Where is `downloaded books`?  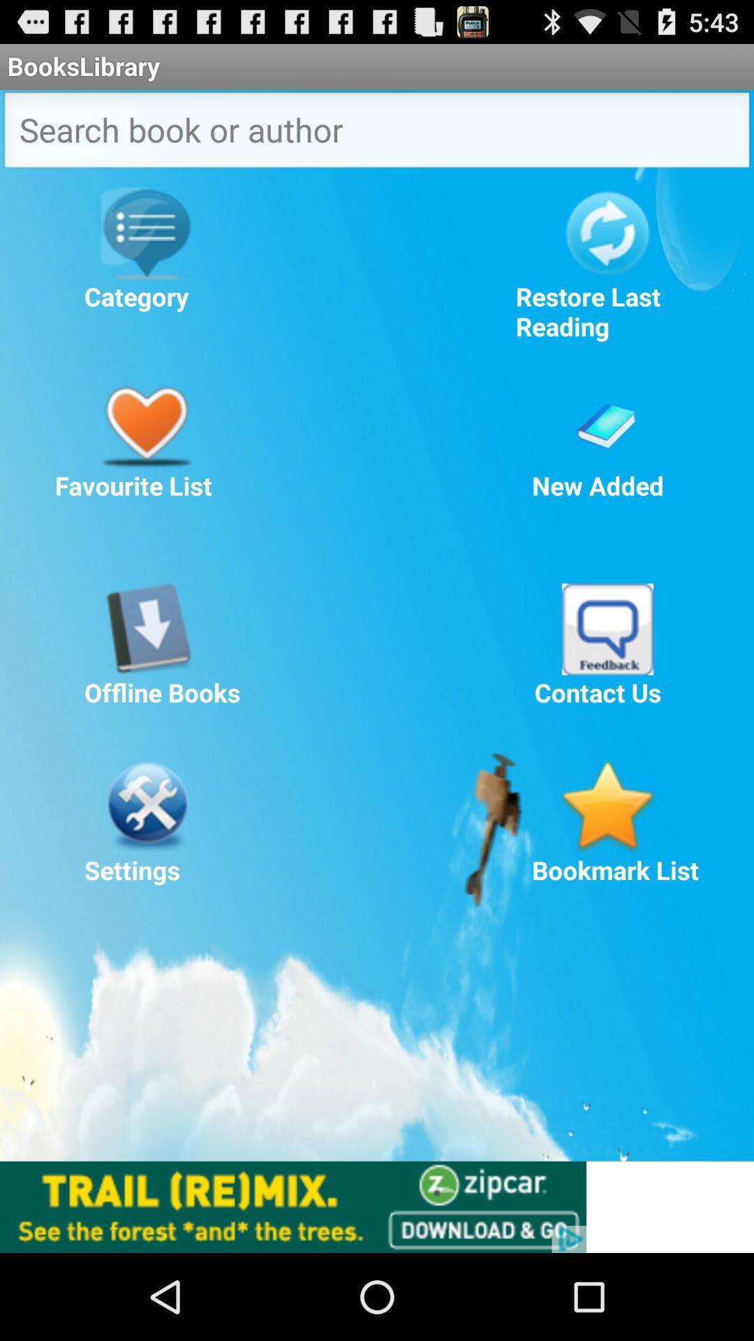
downloaded books is located at coordinates (146, 629).